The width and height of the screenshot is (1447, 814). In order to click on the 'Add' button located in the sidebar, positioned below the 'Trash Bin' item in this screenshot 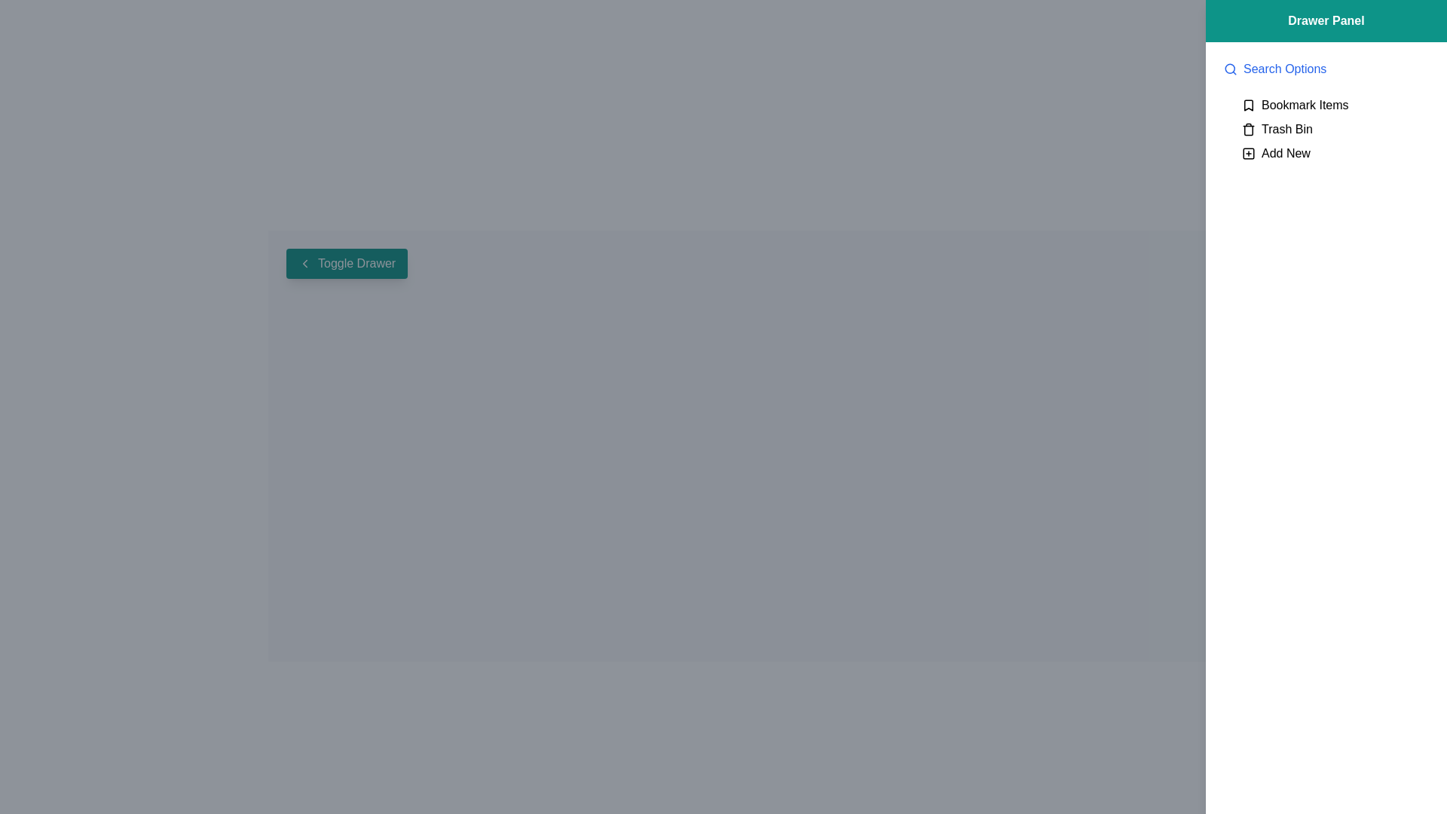, I will do `click(1275, 154)`.